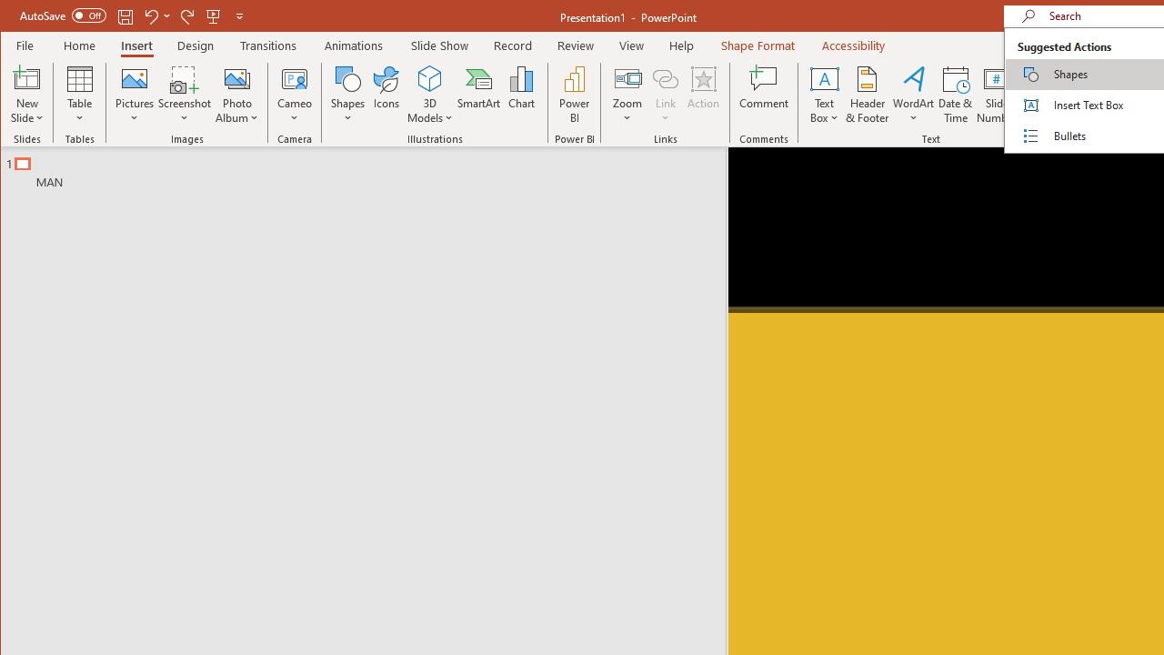 Image resolution: width=1164 pixels, height=655 pixels. What do you see at coordinates (236, 77) in the screenshot?
I see `'New Photo Album...'` at bounding box center [236, 77].